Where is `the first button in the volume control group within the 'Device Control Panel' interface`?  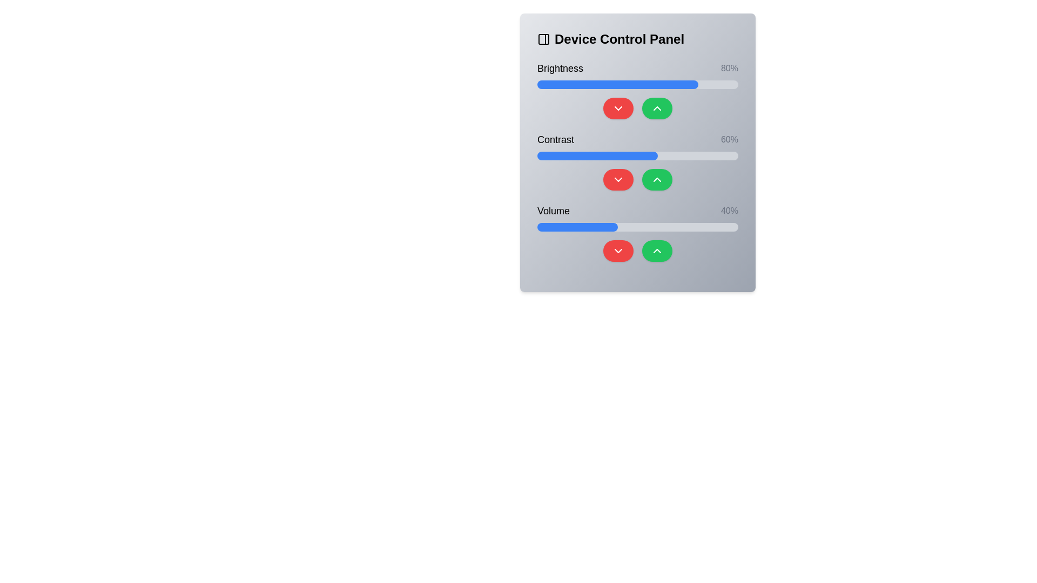
the first button in the volume control group within the 'Device Control Panel' interface is located at coordinates (618, 251).